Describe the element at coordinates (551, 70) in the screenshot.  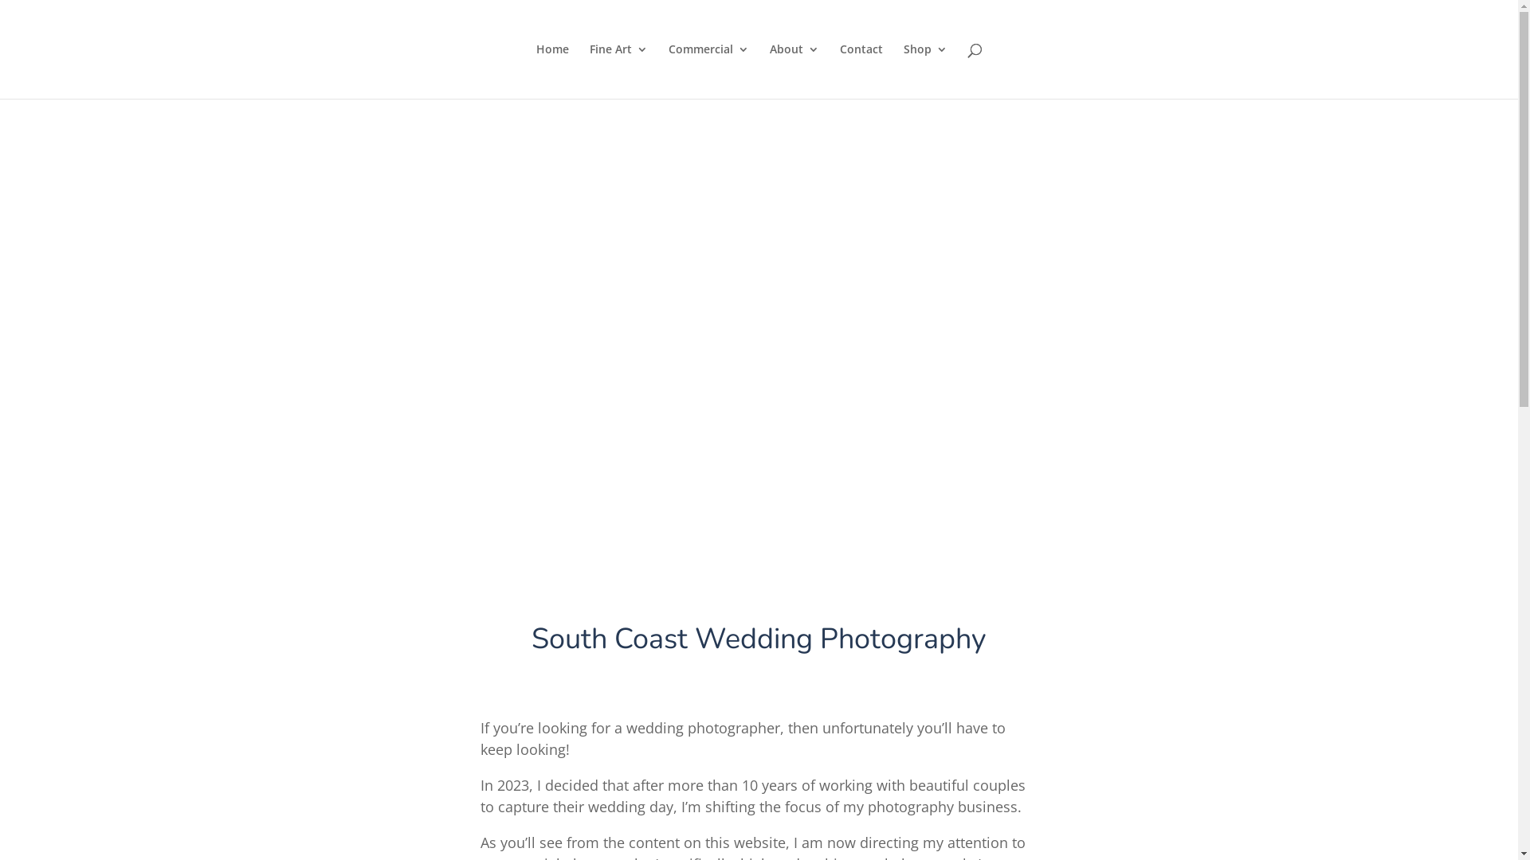
I see `'Home'` at that location.